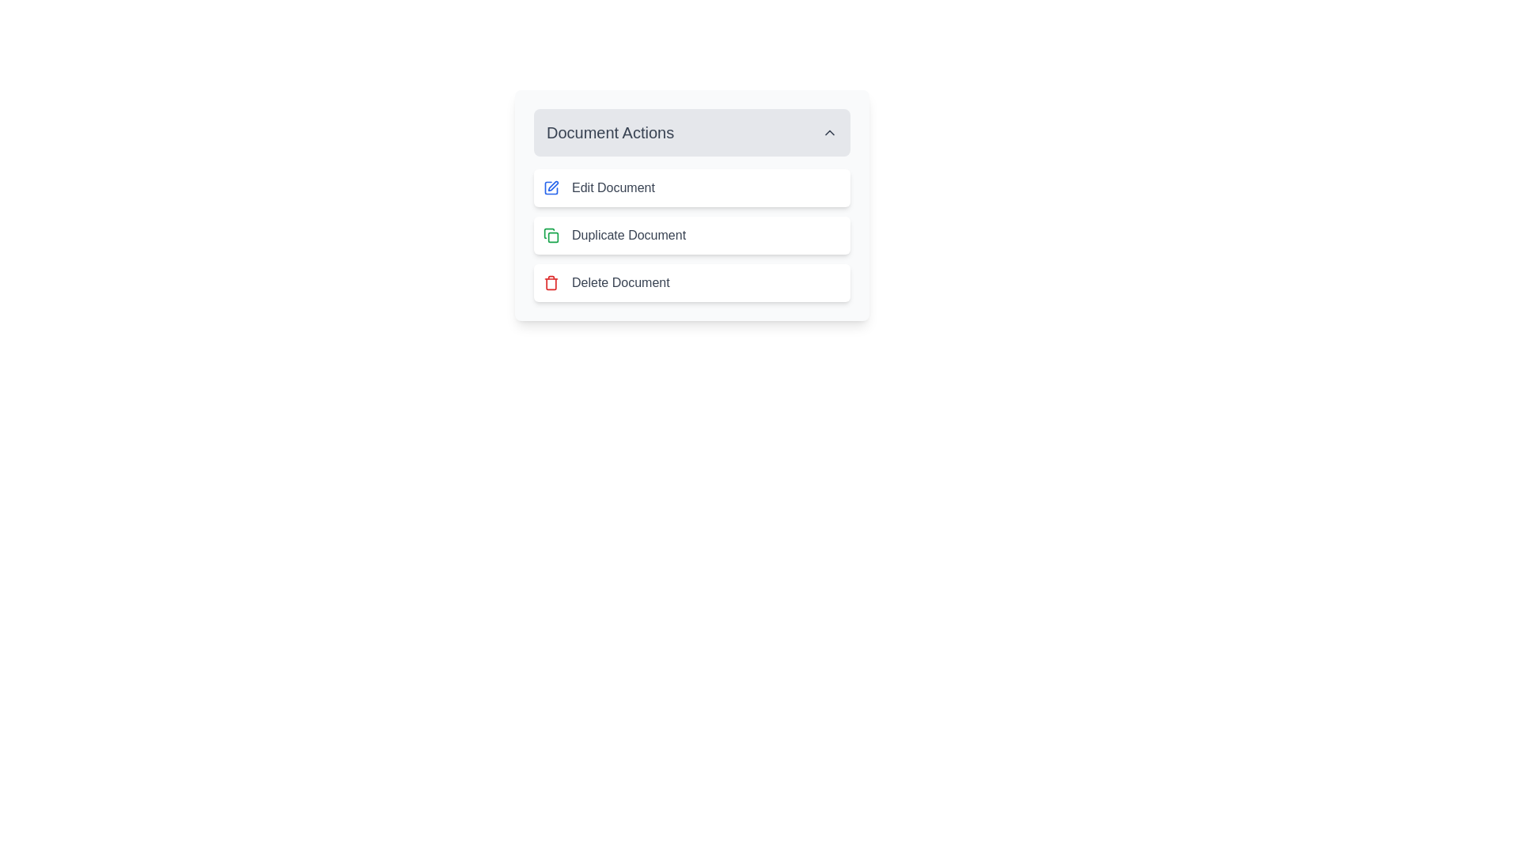 Image resolution: width=1519 pixels, height=854 pixels. What do you see at coordinates (553, 237) in the screenshot?
I see `the square shape with rounded corners located at the bottom-right corner of the duplicate document action icon within the Document Actions interface` at bounding box center [553, 237].